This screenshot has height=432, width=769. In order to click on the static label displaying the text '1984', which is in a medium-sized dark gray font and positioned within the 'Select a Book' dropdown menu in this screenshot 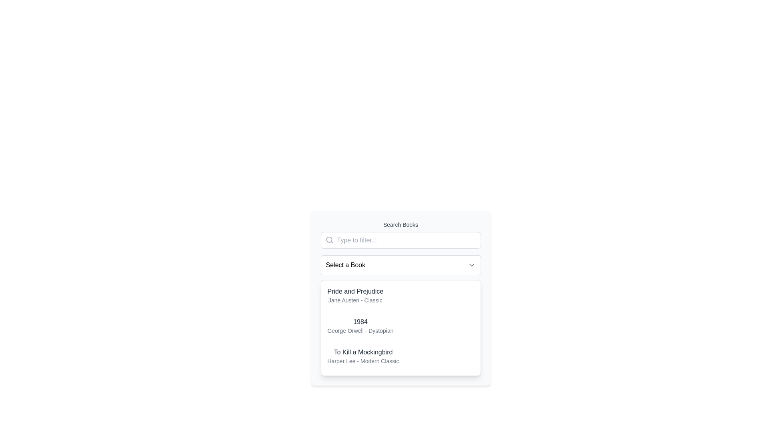, I will do `click(360, 322)`.